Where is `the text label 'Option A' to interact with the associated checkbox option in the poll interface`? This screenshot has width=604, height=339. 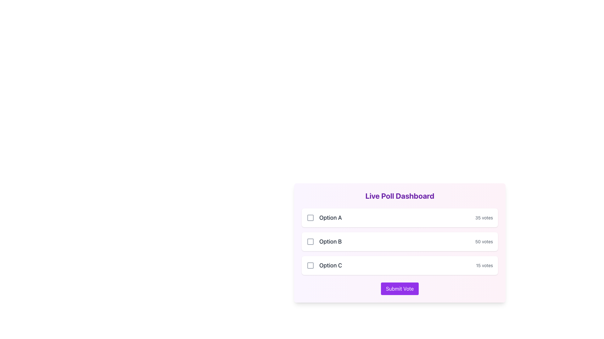 the text label 'Option A' to interact with the associated checkbox option in the poll interface is located at coordinates (324, 218).